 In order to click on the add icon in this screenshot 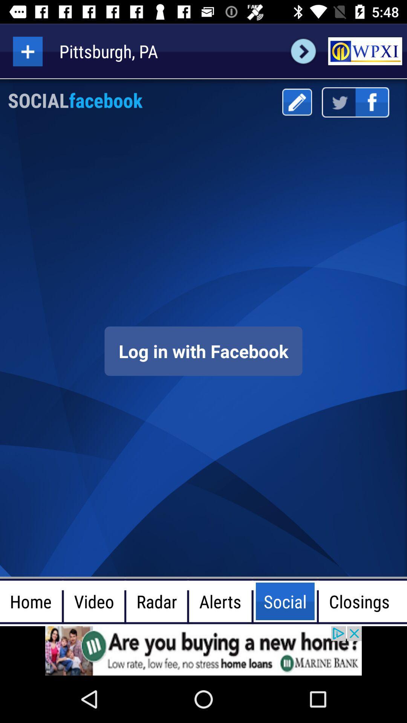, I will do `click(27, 51)`.